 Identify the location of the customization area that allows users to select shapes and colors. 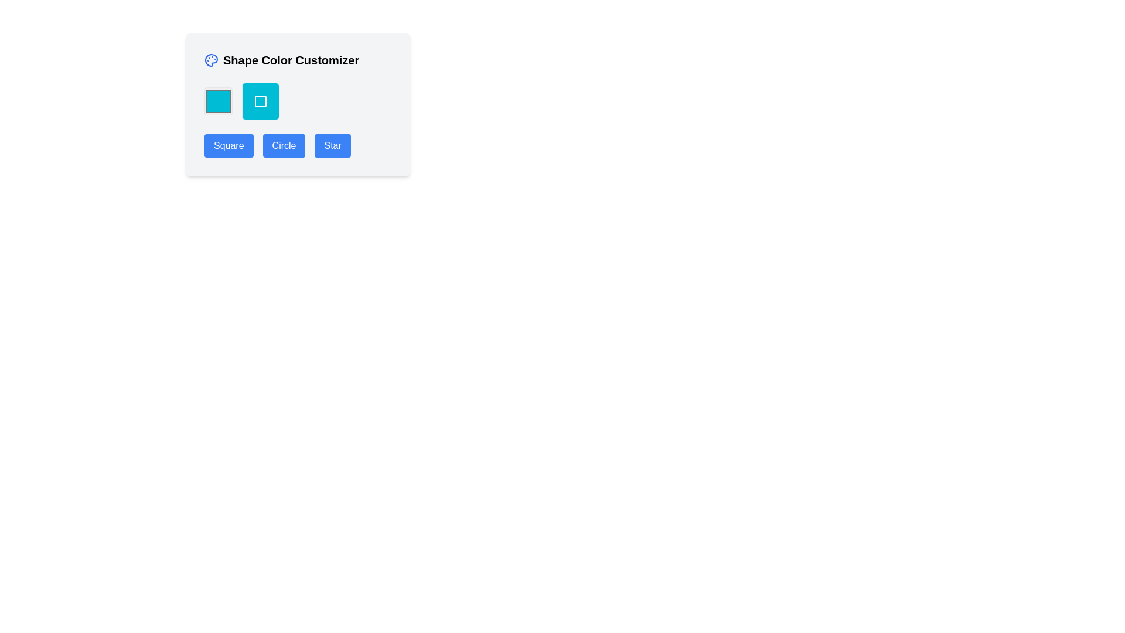
(298, 104).